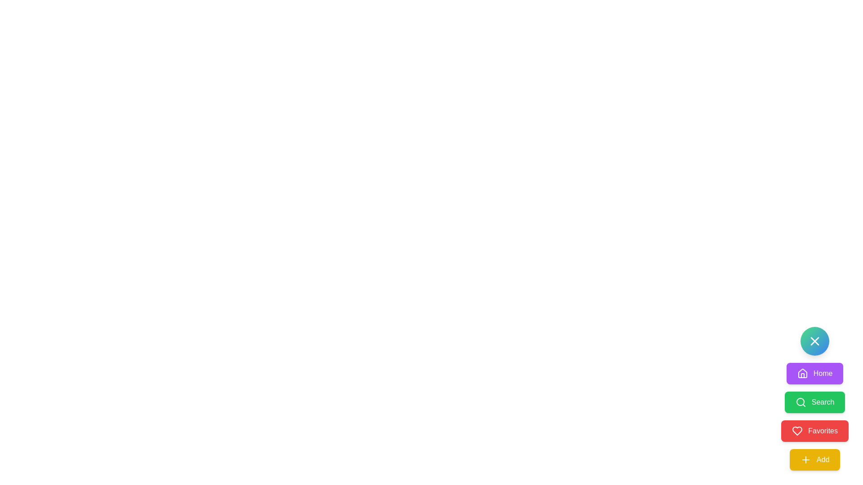 The width and height of the screenshot is (863, 485). I want to click on the purple rectangular 'Home' button with a white house icon, so click(815, 374).